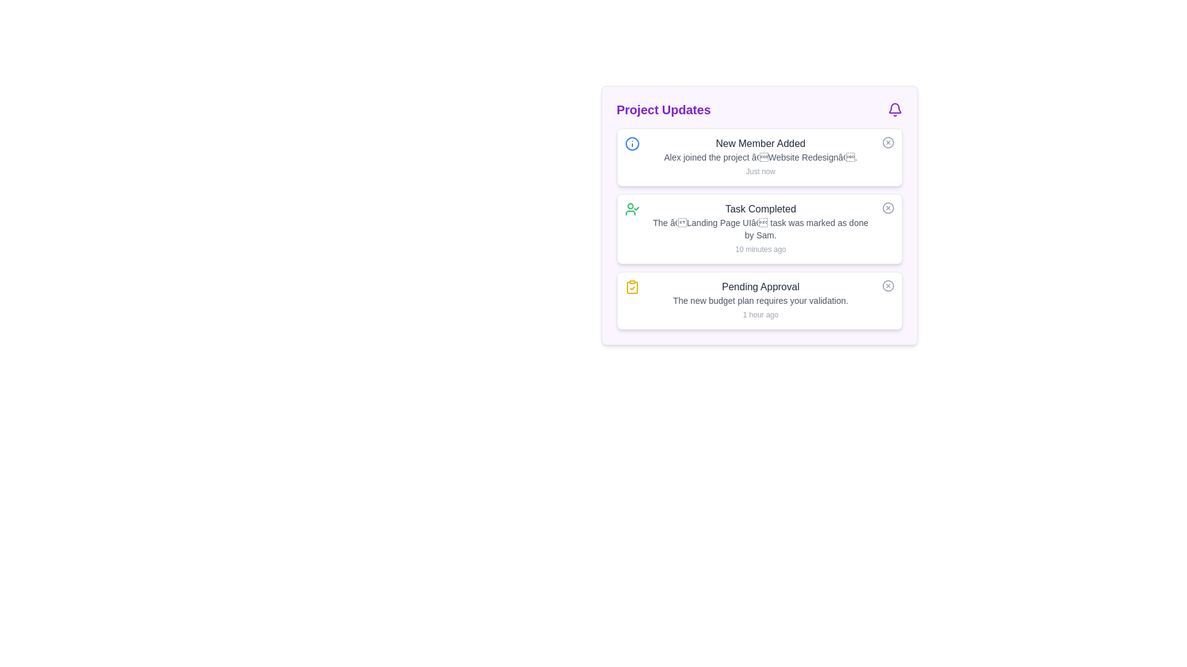 The width and height of the screenshot is (1187, 667). What do you see at coordinates (760, 229) in the screenshot?
I see `the Notification text that informs the user about the completion of a task, located in the middle of a vertically stacked list of notifications` at bounding box center [760, 229].